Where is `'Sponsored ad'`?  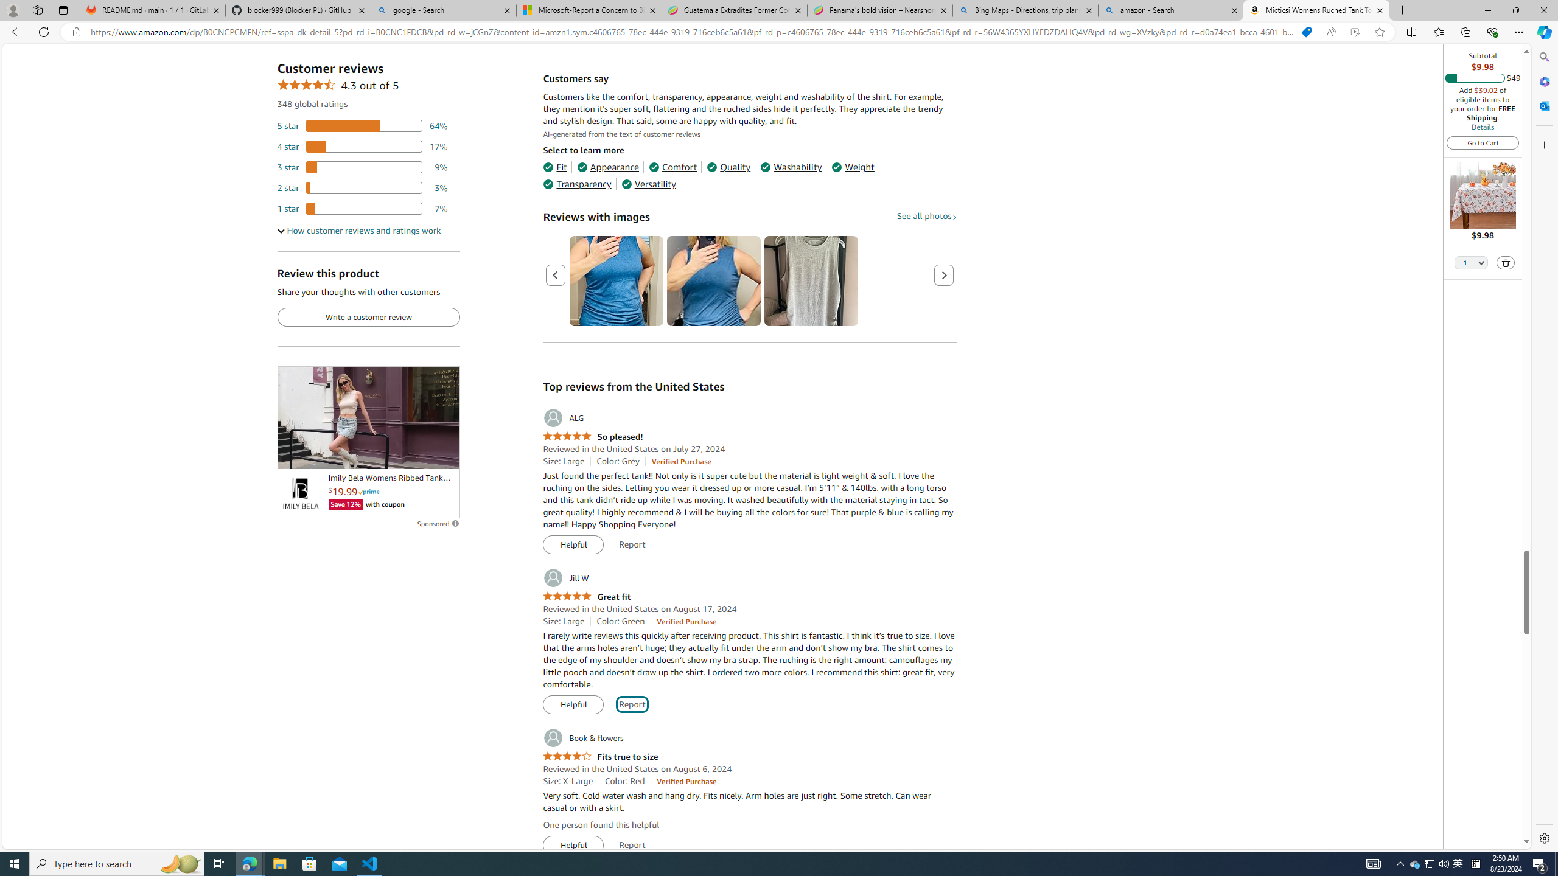
'Sponsored ad' is located at coordinates (368, 417).